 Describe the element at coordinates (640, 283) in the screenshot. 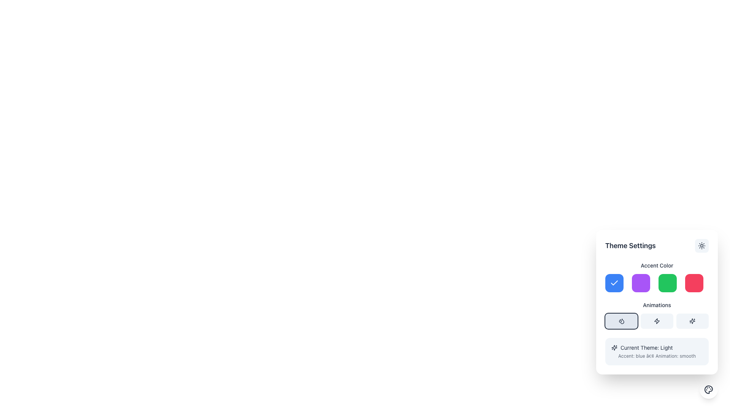

I see `the purple square button with rounded corners located in the color selection group` at that location.